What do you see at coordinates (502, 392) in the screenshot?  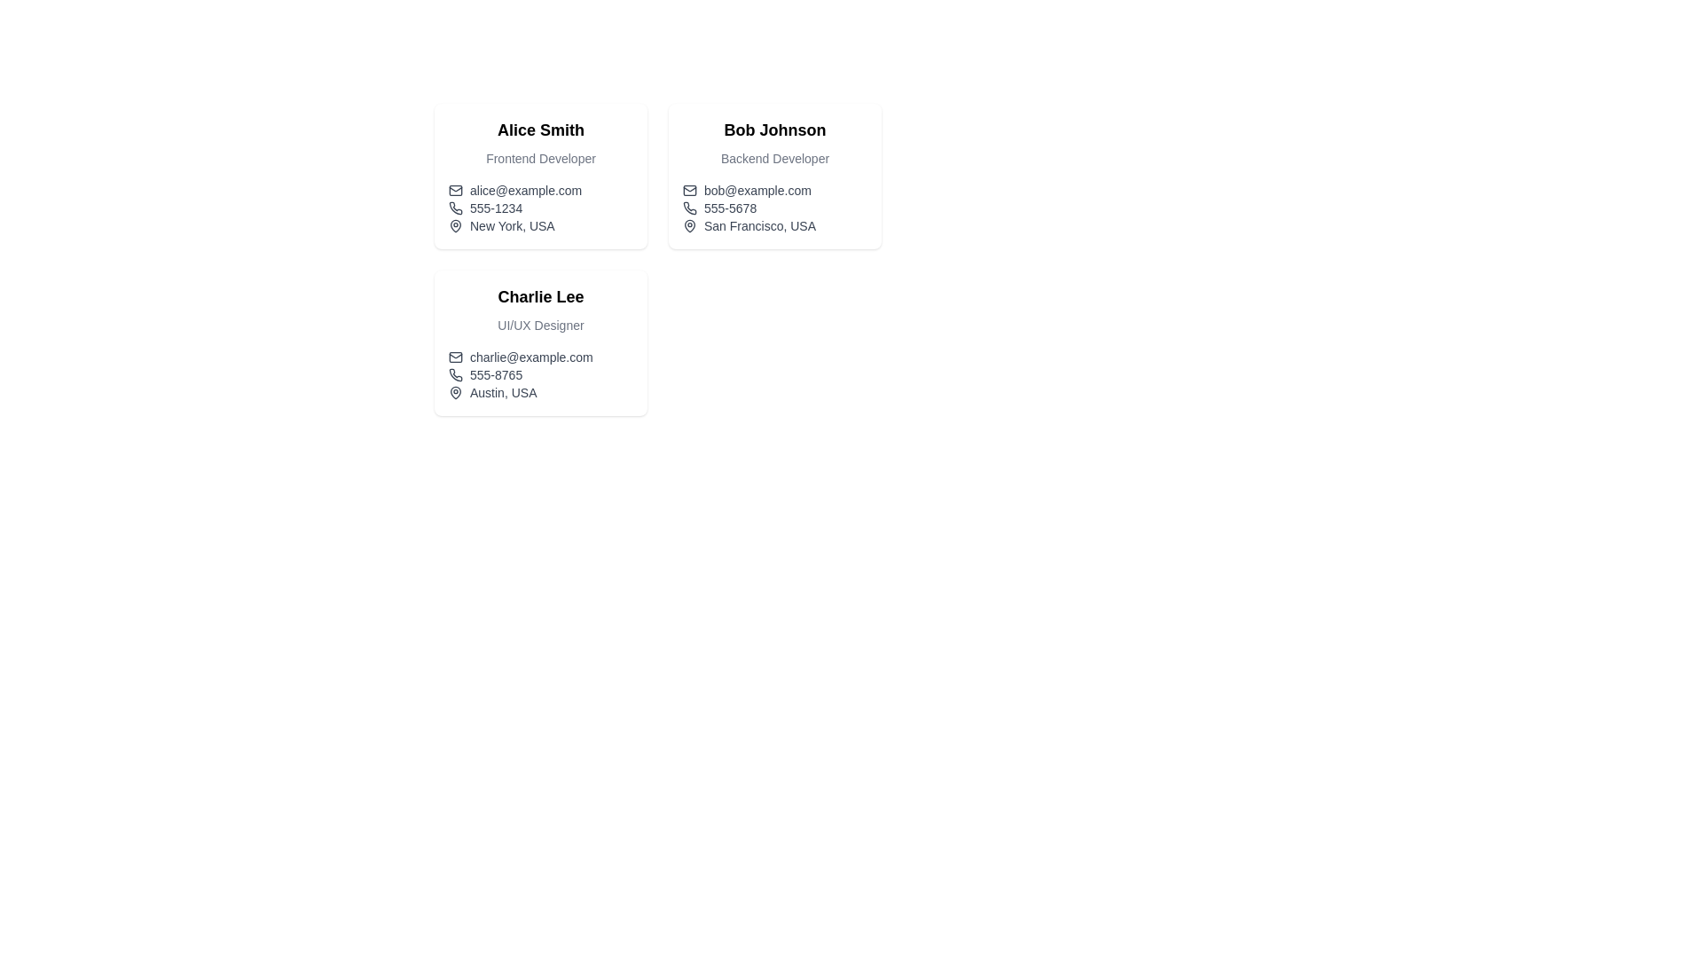 I see `the text label displaying the location information for 'Charlie Lee' in the third card of the profile` at bounding box center [502, 392].